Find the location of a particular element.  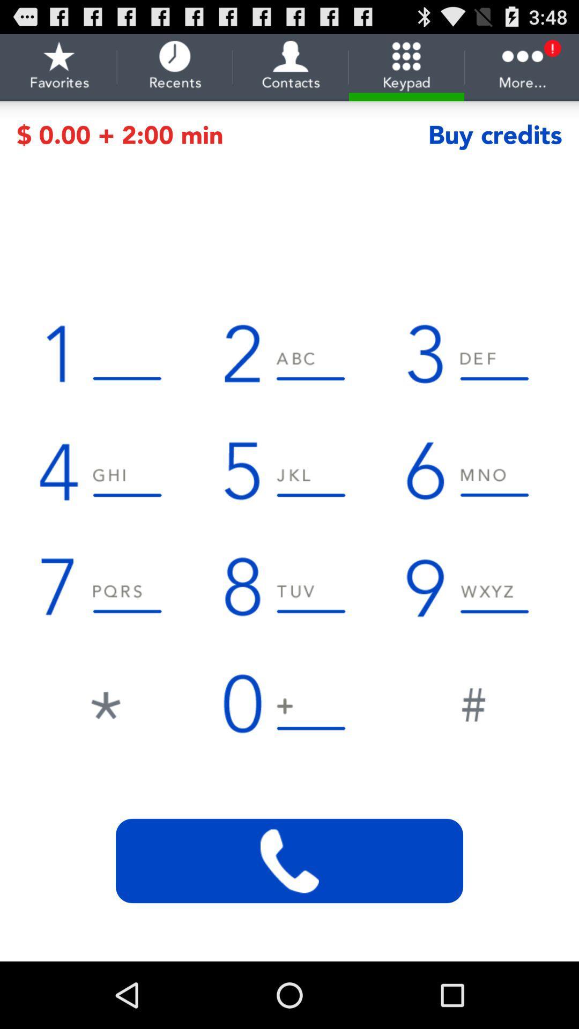

1 keypad which is below  000200 min on the page is located at coordinates (105, 353).